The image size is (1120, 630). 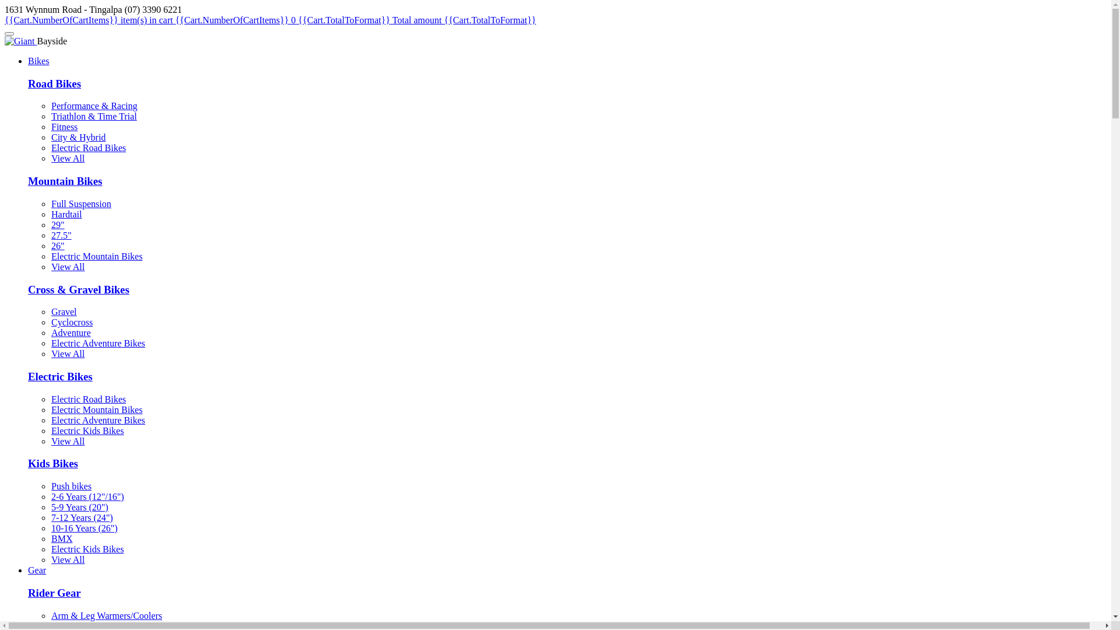 I want to click on '7-12 Years (24")', so click(x=81, y=517).